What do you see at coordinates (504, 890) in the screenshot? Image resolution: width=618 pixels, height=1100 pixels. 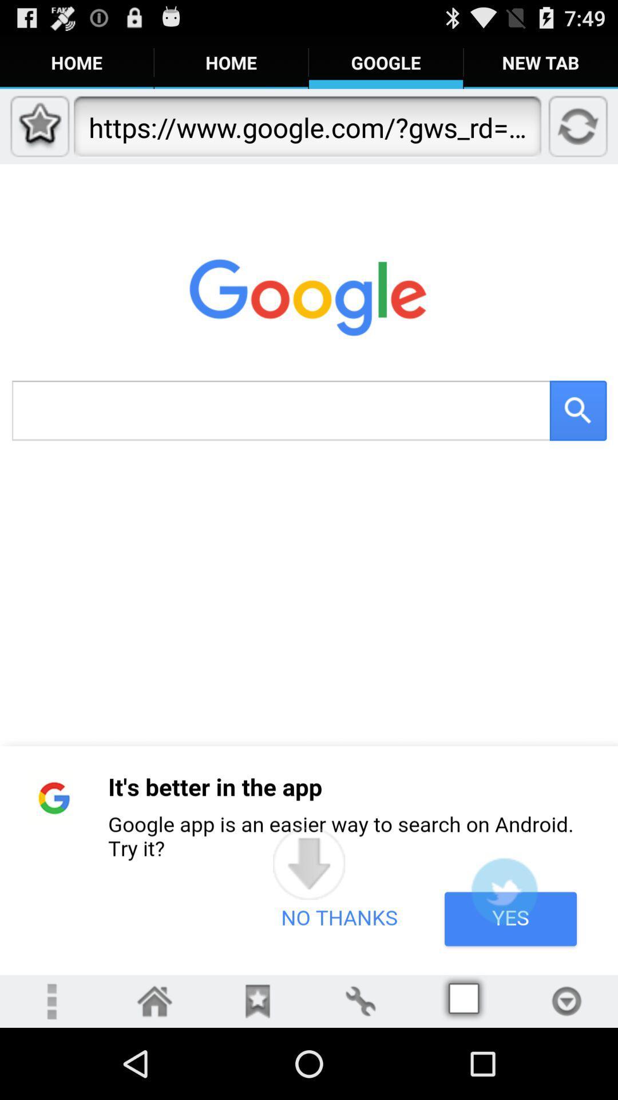 I see `try suggestion` at bounding box center [504, 890].